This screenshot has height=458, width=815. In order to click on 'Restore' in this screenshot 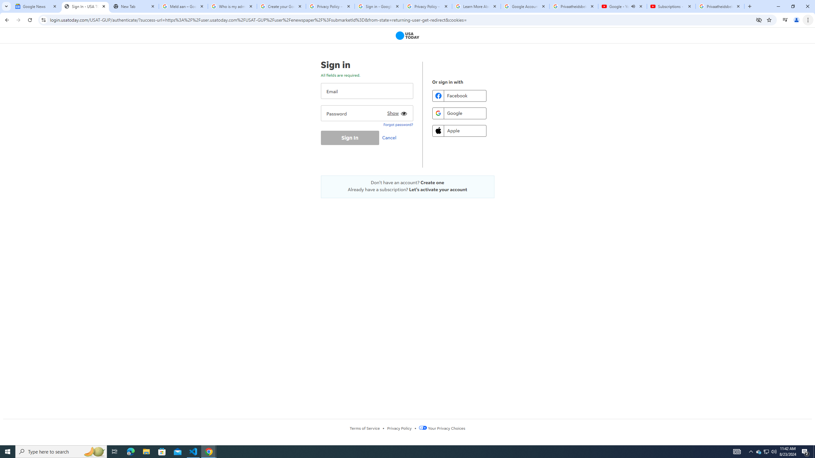, I will do `click(793, 6)`.